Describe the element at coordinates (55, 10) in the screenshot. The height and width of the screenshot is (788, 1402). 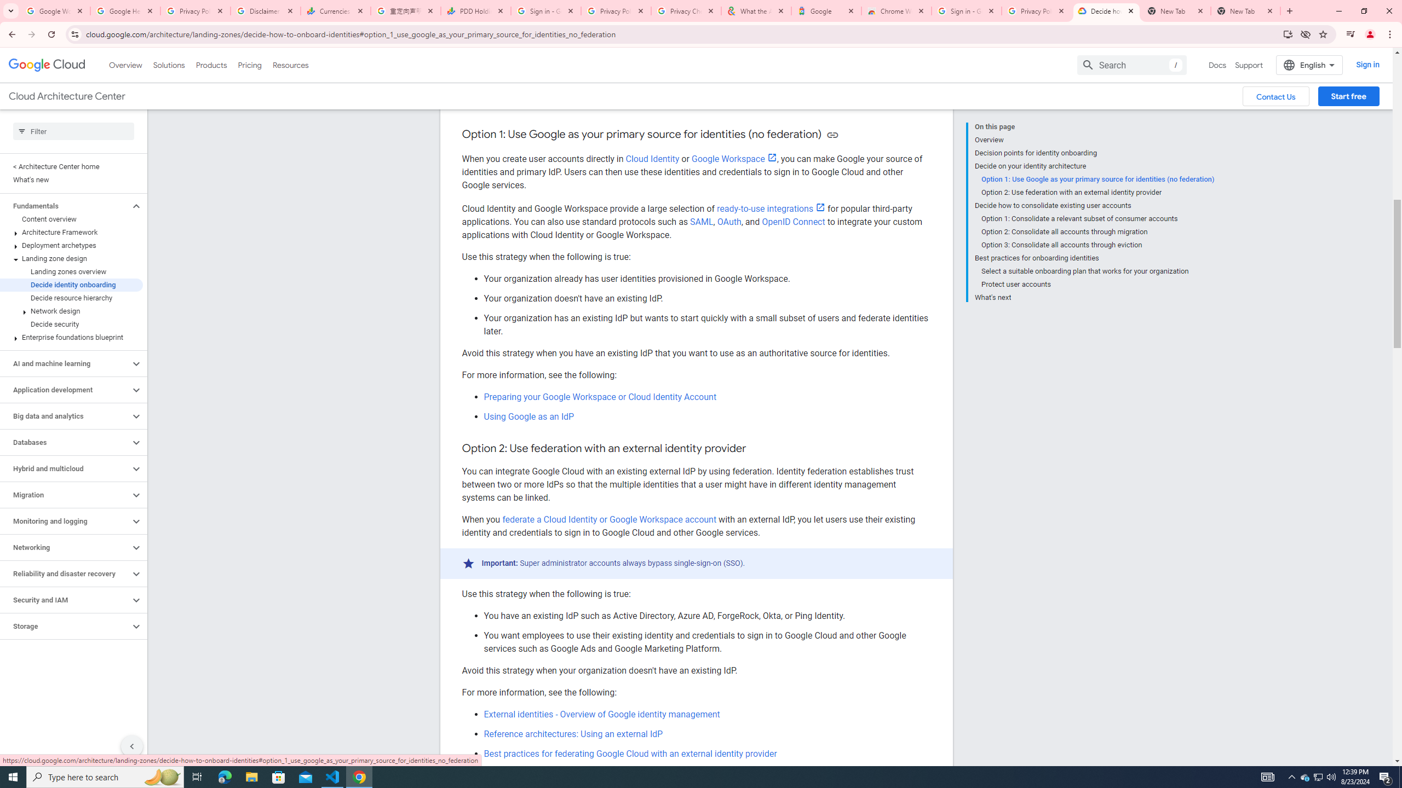
I see `'Google Workspace Admin Community'` at that location.